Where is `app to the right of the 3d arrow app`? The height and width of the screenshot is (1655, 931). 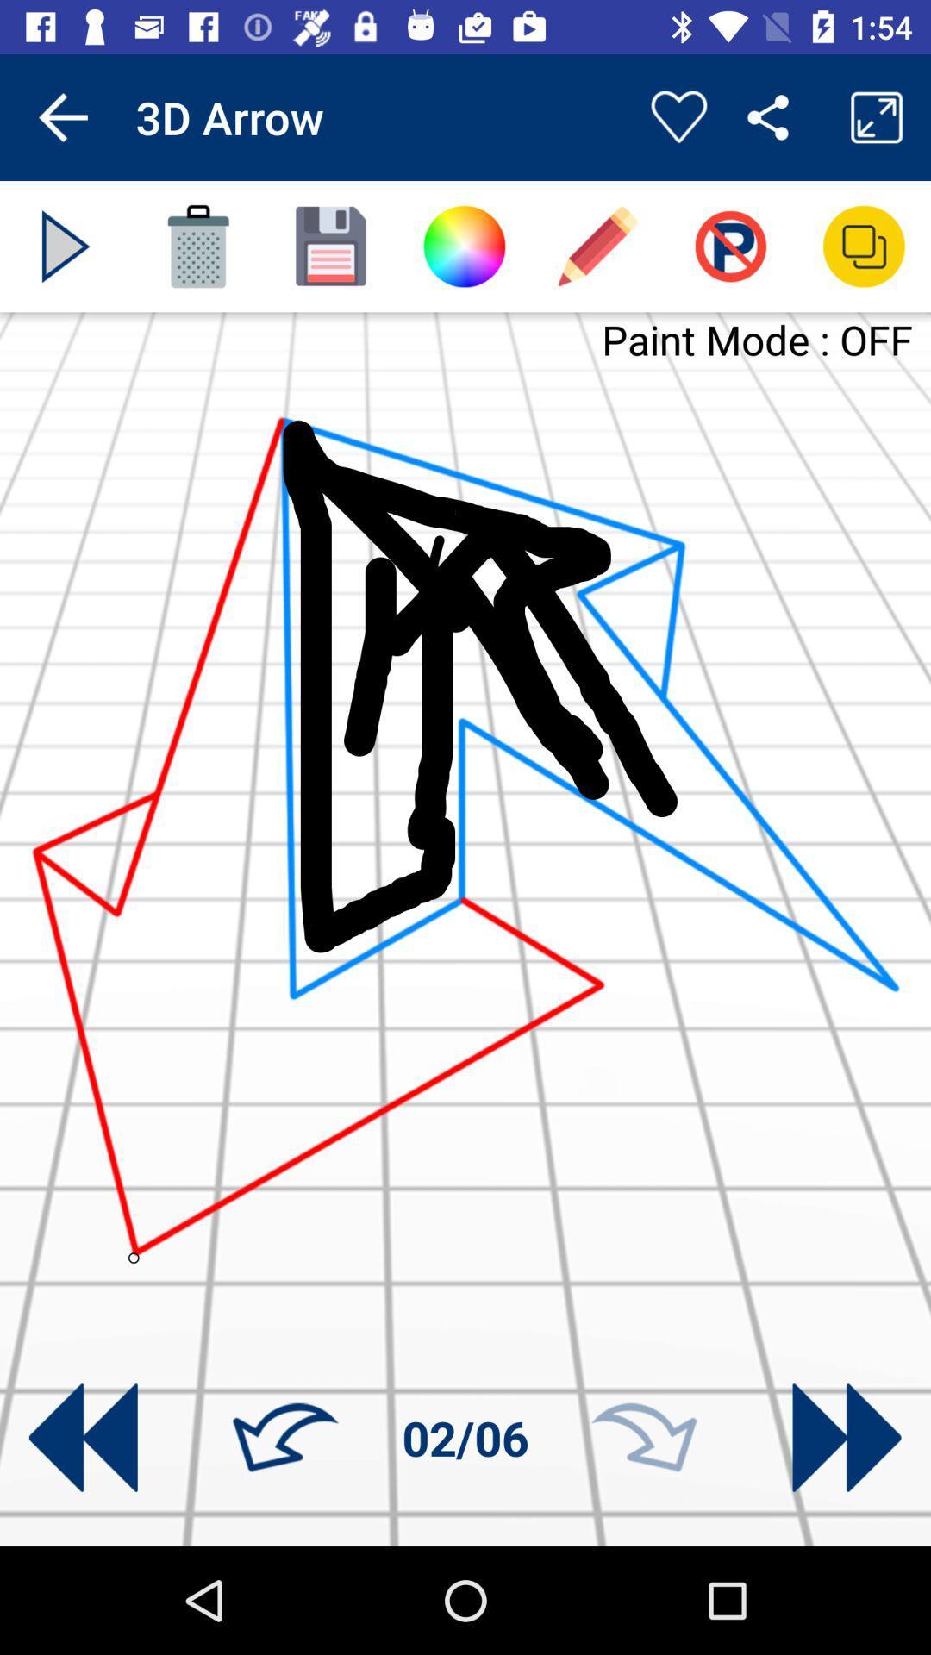
app to the right of the 3d arrow app is located at coordinates (678, 116).